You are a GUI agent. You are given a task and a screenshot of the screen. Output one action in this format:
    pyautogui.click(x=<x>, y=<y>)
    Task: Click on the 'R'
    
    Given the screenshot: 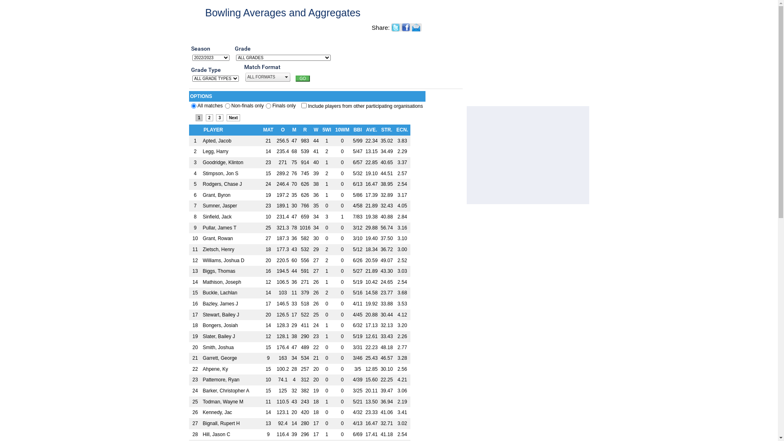 What is the action you would take?
    pyautogui.click(x=302, y=129)
    